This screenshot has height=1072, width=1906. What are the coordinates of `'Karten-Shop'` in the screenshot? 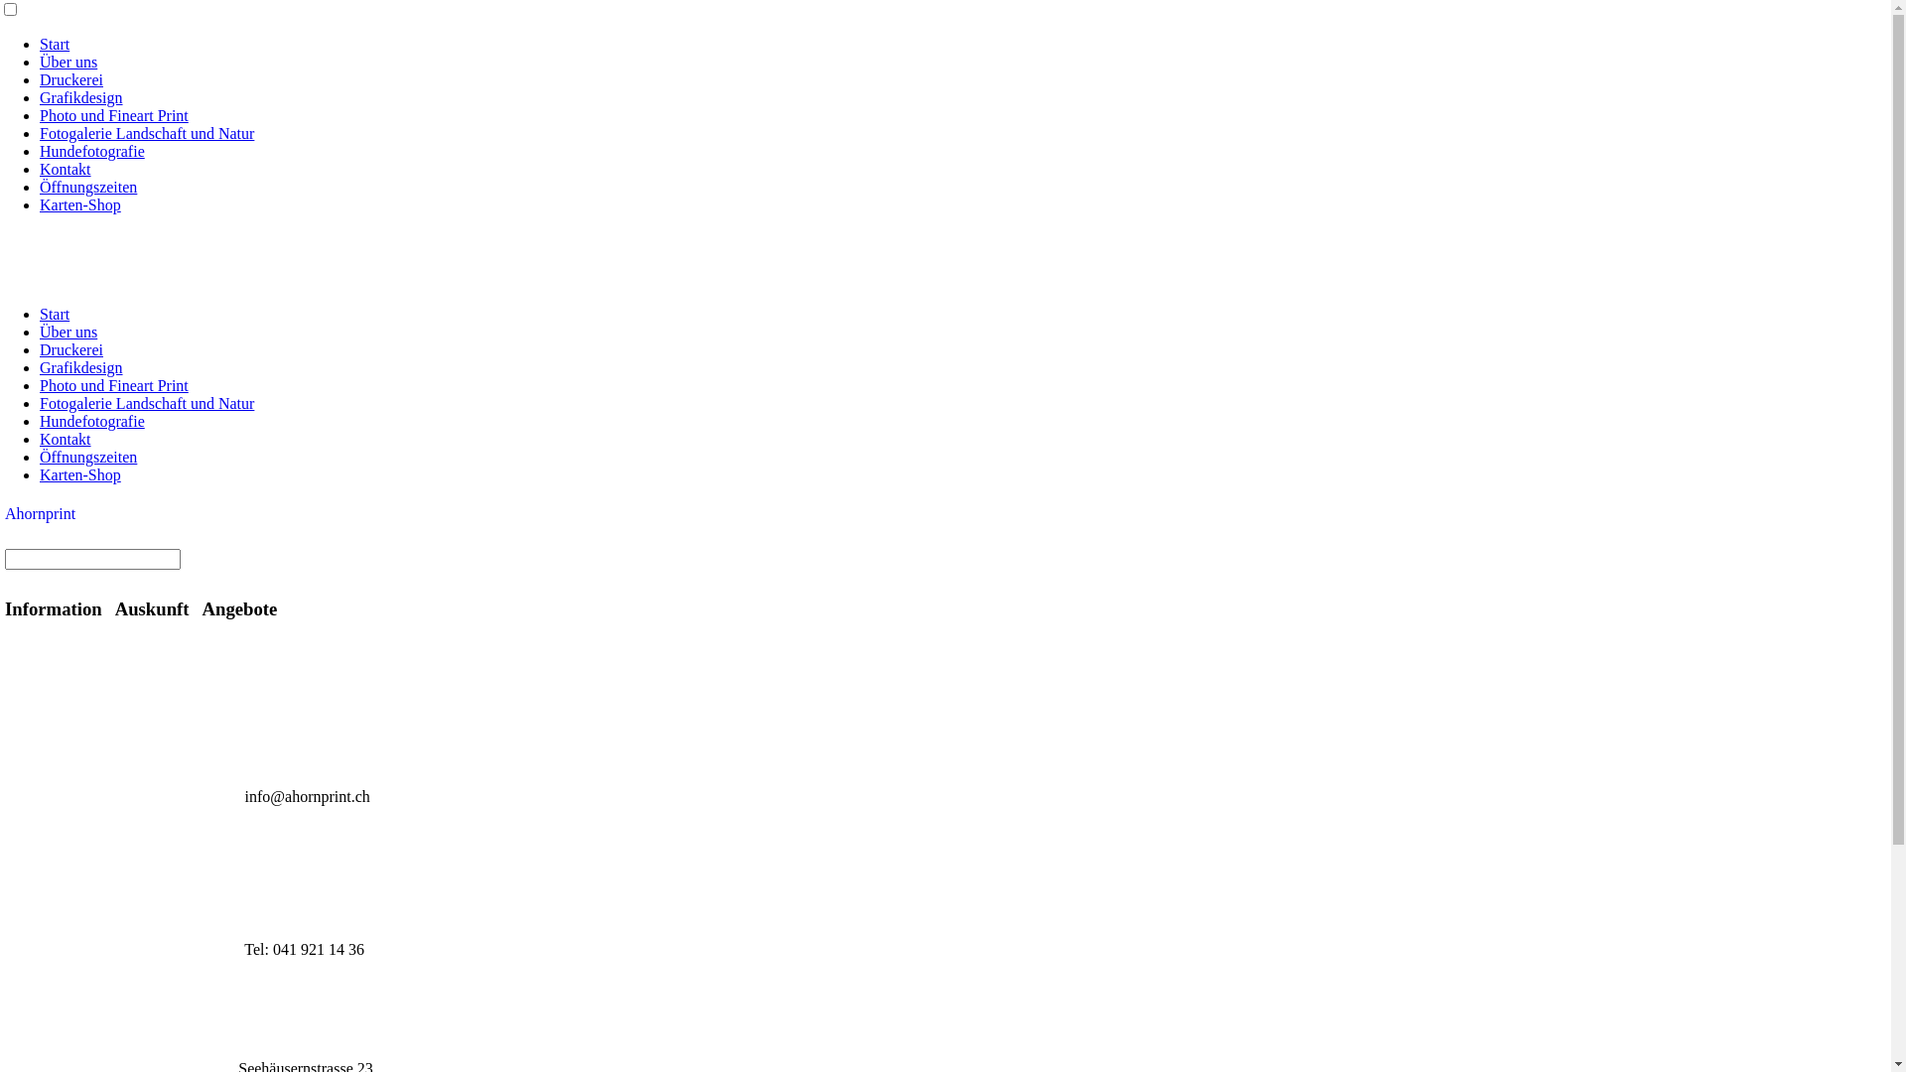 It's located at (79, 474).